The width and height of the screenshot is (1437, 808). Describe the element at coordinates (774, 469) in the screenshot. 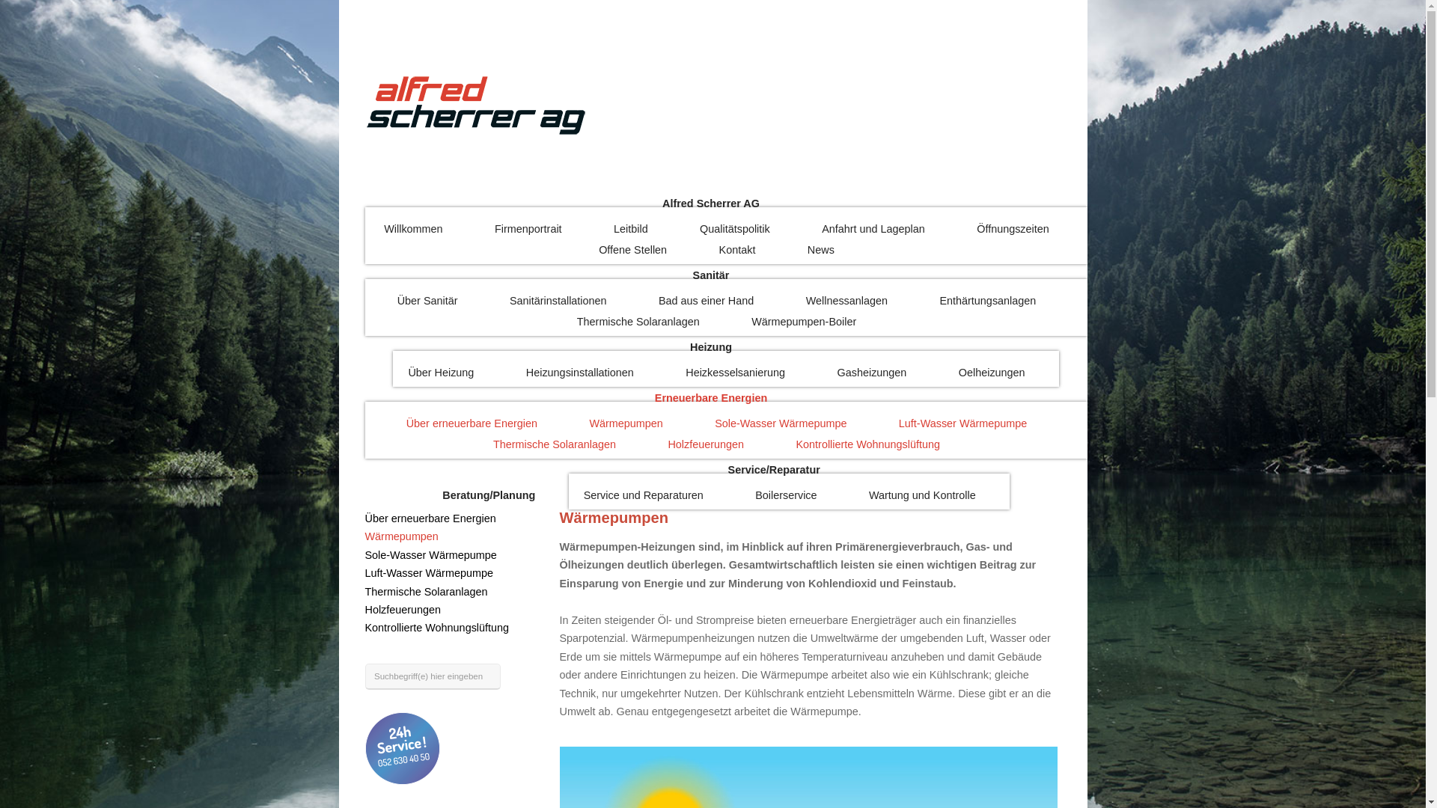

I see `'Service/Reparatur'` at that location.